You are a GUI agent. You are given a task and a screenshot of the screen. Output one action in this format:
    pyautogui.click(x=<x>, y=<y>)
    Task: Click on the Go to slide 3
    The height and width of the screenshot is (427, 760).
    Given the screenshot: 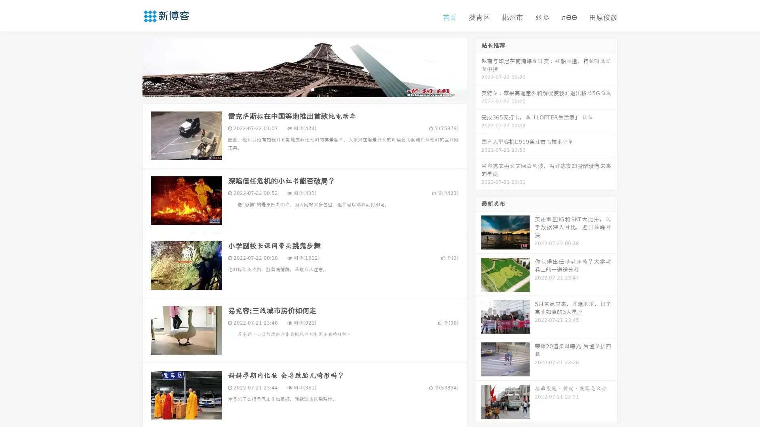 What is the action you would take?
    pyautogui.click(x=312, y=89)
    